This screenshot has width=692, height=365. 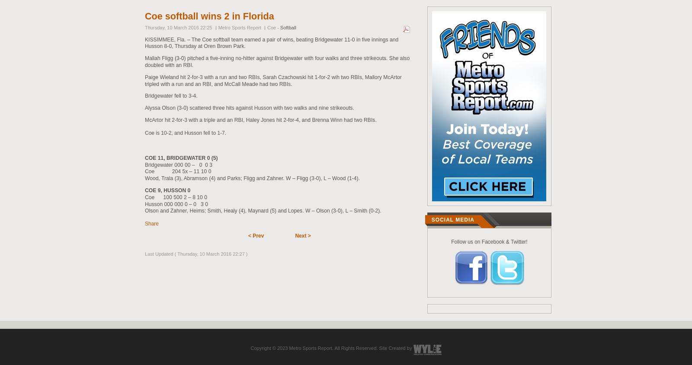 What do you see at coordinates (176, 204) in the screenshot?
I see `'Husson 000 000 0 – 0   3 0'` at bounding box center [176, 204].